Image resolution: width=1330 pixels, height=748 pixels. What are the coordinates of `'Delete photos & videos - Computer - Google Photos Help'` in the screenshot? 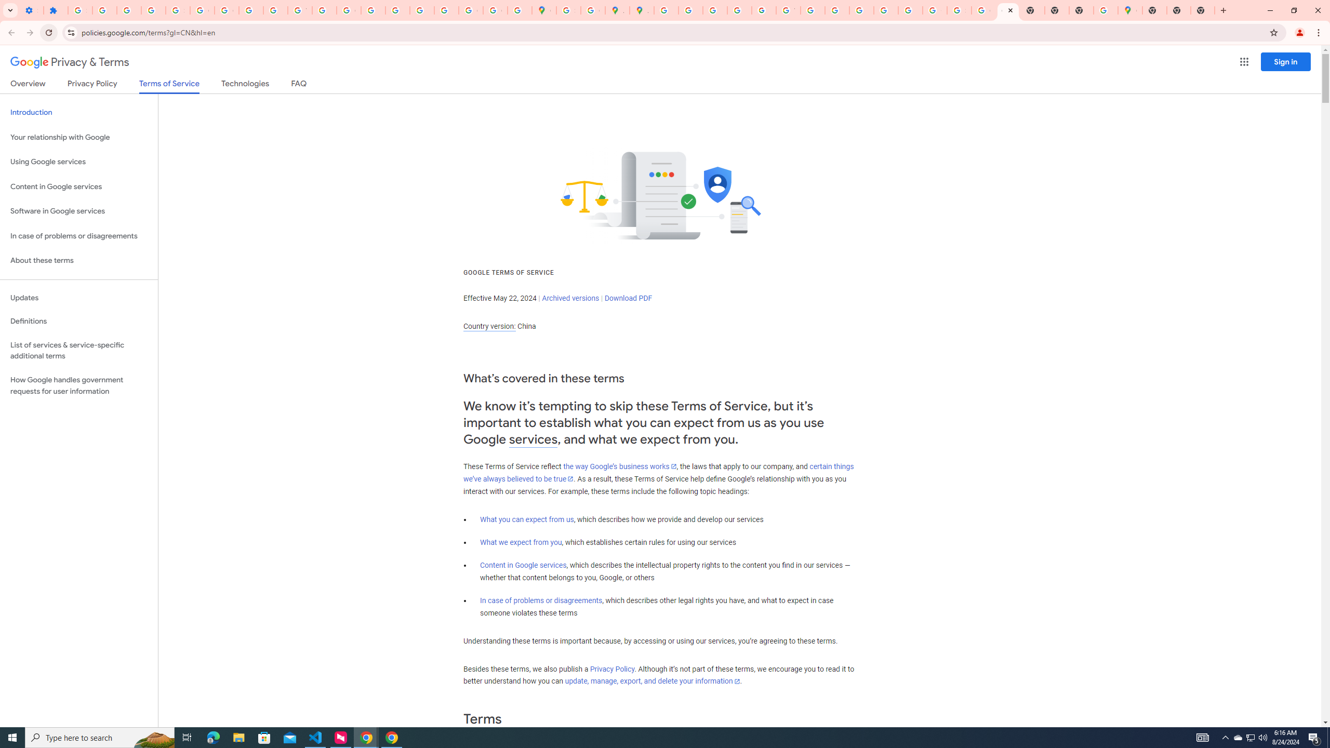 It's located at (103, 10).